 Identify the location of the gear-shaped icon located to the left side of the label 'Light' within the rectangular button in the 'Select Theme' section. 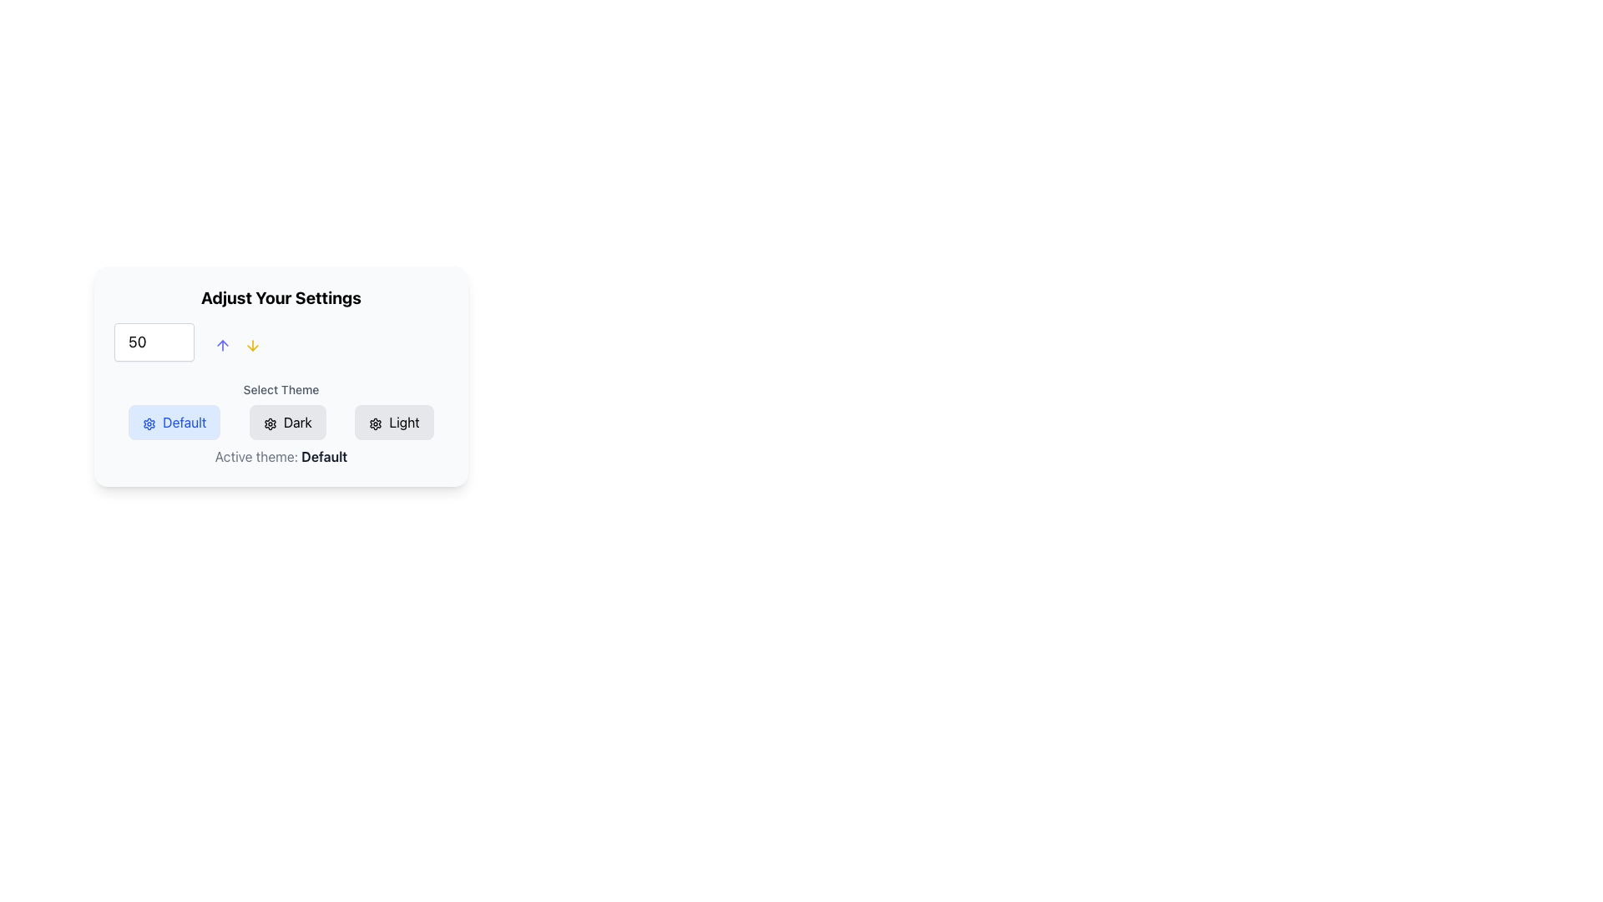
(375, 423).